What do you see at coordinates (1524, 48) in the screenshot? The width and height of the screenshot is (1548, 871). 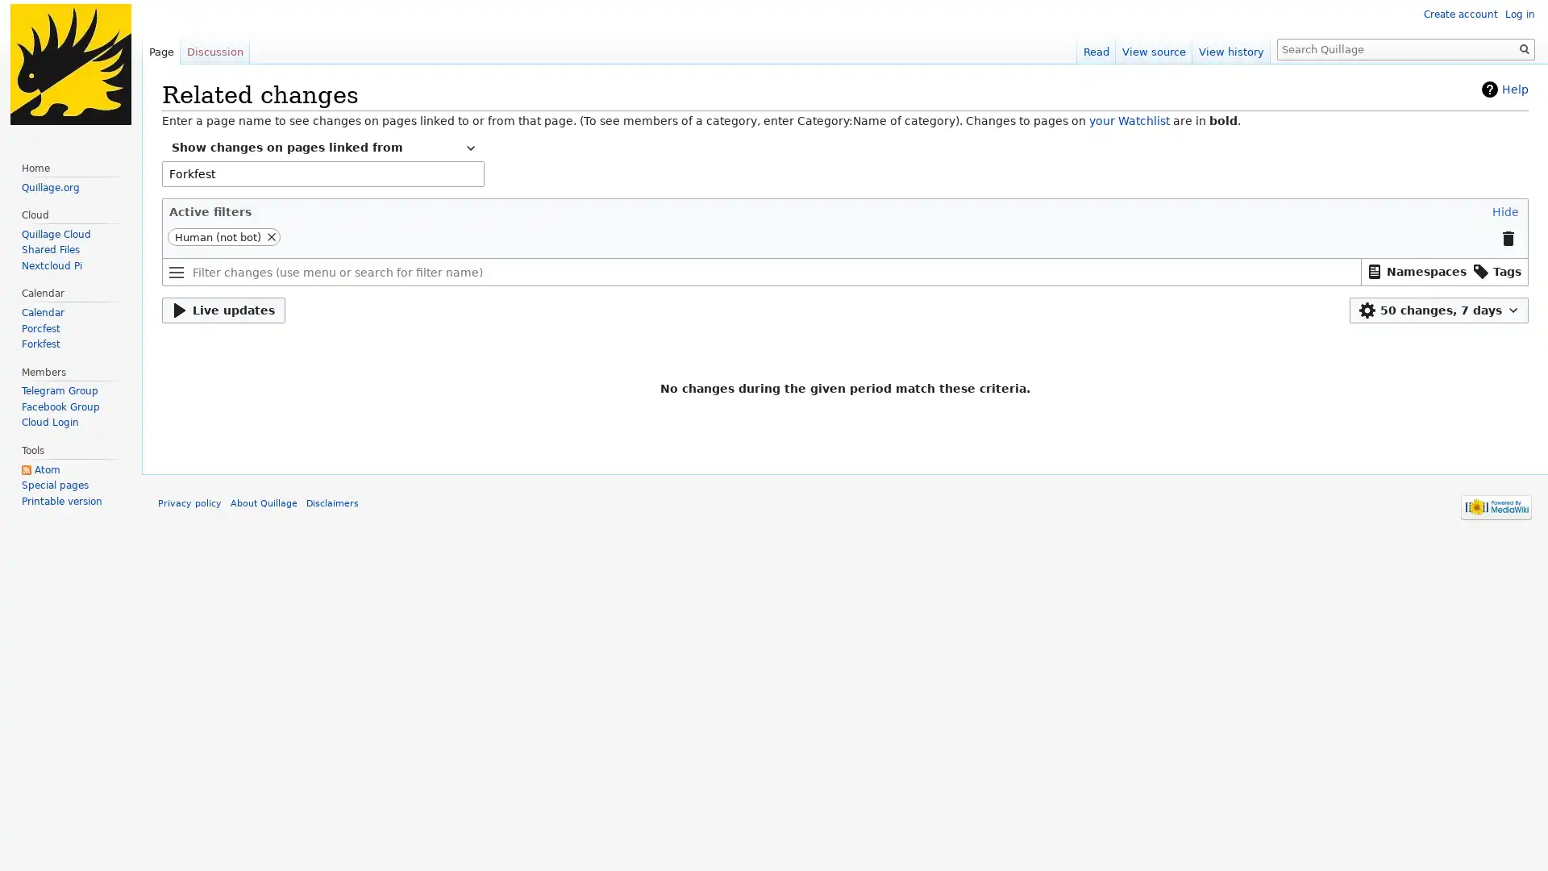 I see `Go` at bounding box center [1524, 48].